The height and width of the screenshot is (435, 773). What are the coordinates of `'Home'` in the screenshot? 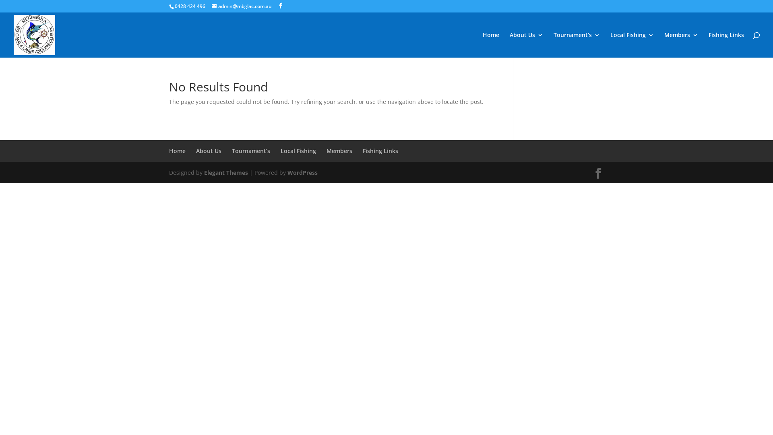 It's located at (177, 151).